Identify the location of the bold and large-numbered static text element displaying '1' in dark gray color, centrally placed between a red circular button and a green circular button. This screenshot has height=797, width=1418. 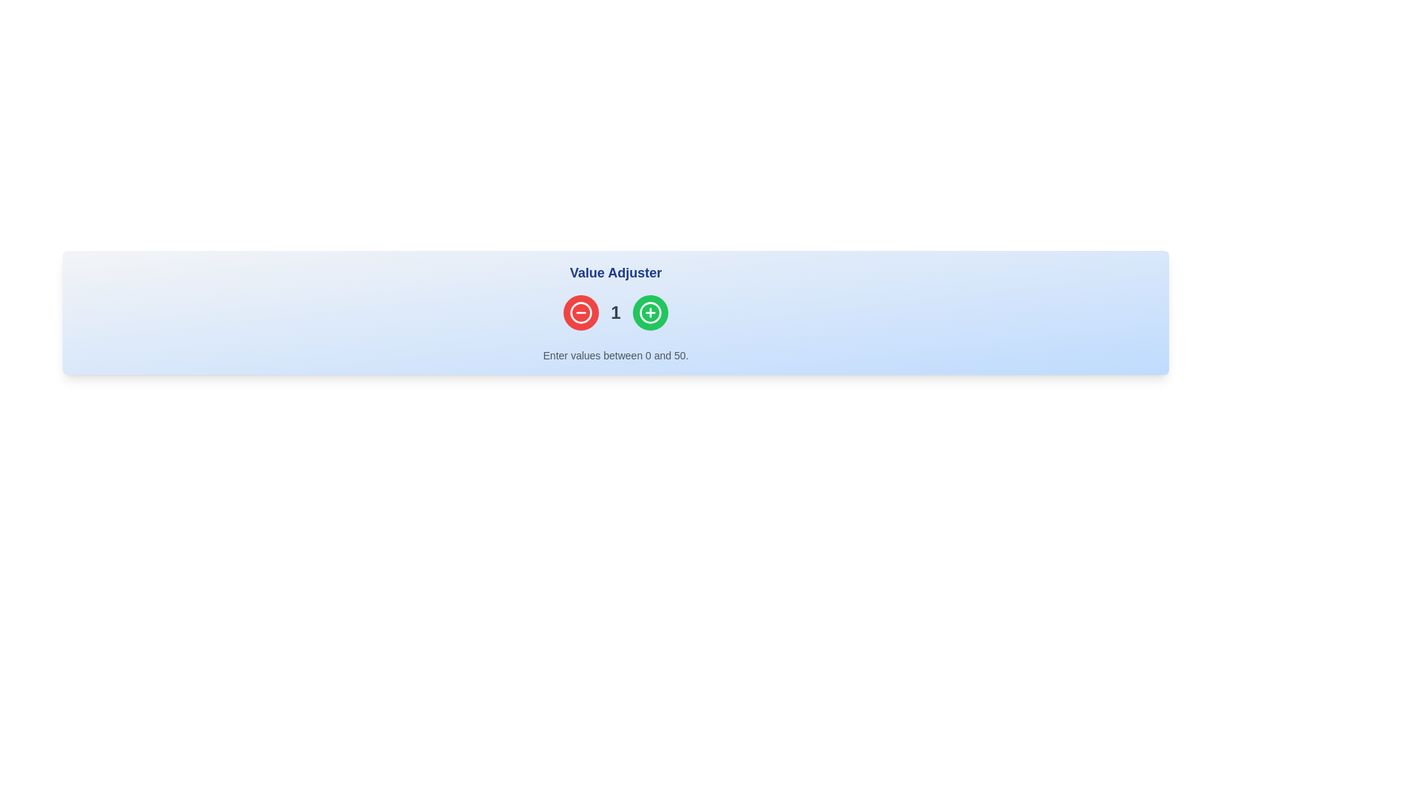
(616, 312).